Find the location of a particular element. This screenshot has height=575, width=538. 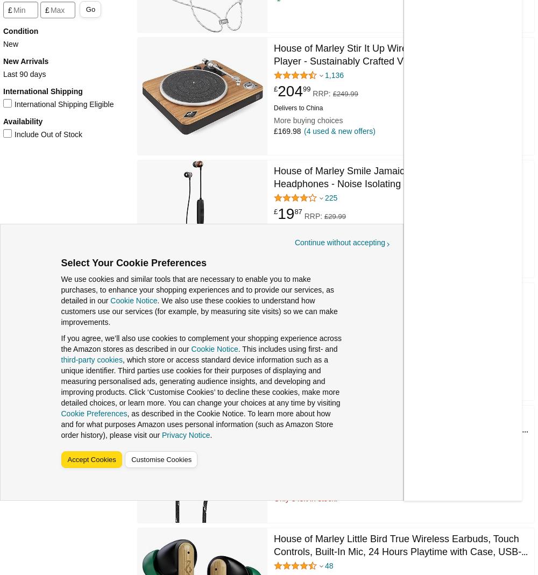

'4.3 out of 5 stars' is located at coordinates (290, 79).